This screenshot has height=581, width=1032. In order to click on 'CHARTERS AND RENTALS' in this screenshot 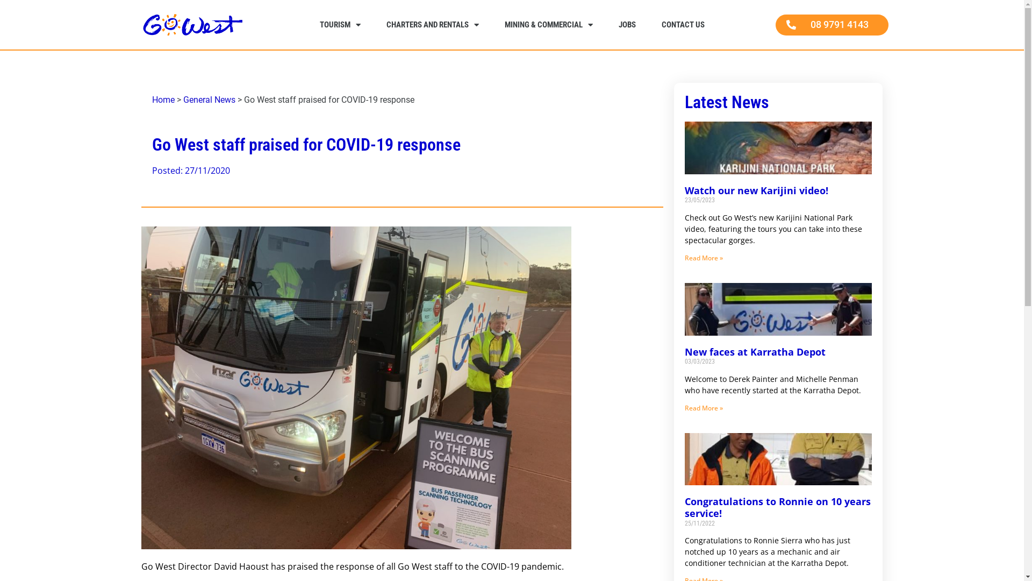, I will do `click(432, 24)`.